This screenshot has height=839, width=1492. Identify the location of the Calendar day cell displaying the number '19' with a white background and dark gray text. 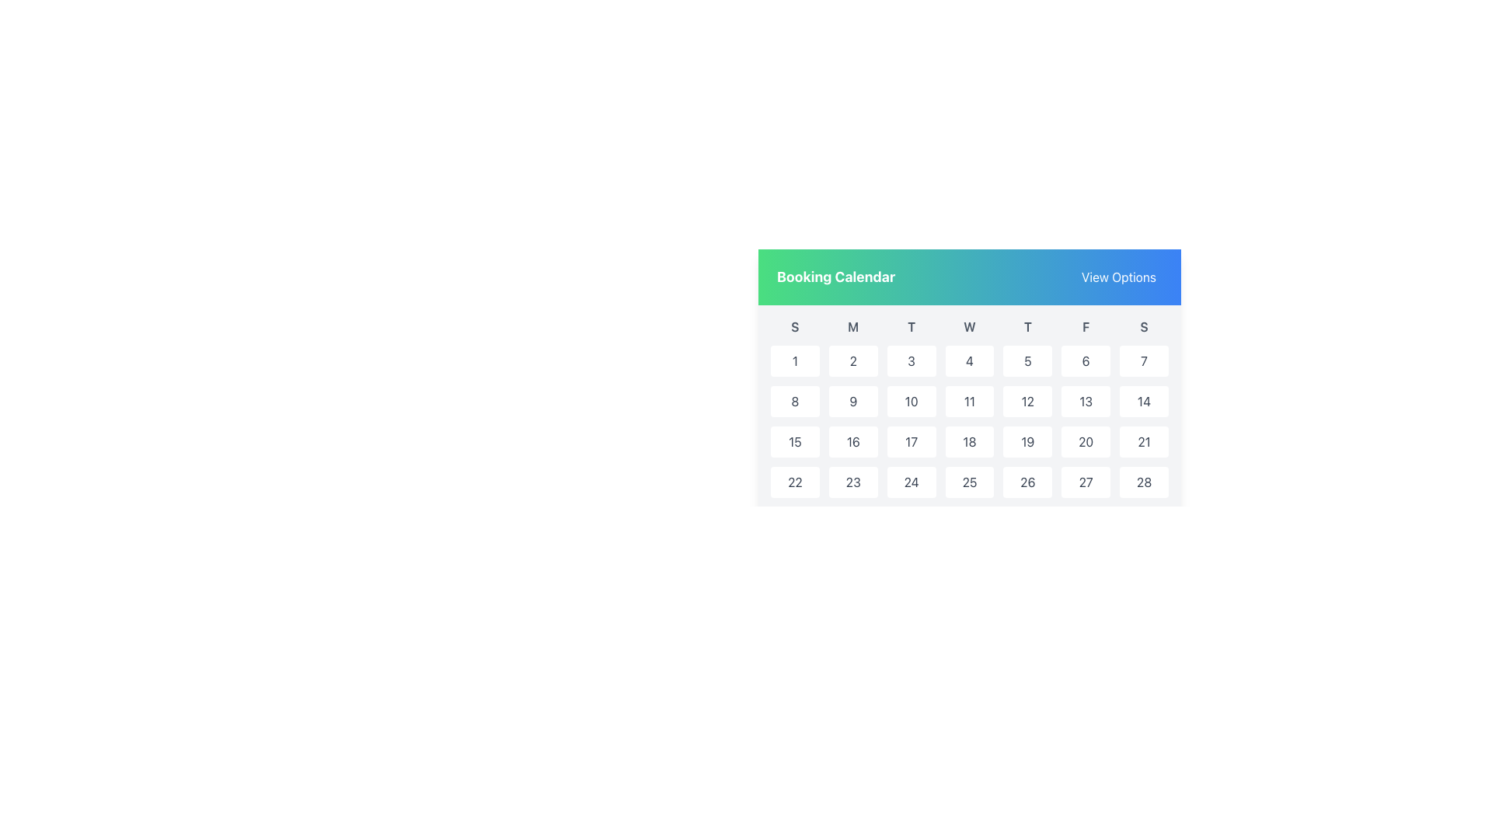
(1027, 442).